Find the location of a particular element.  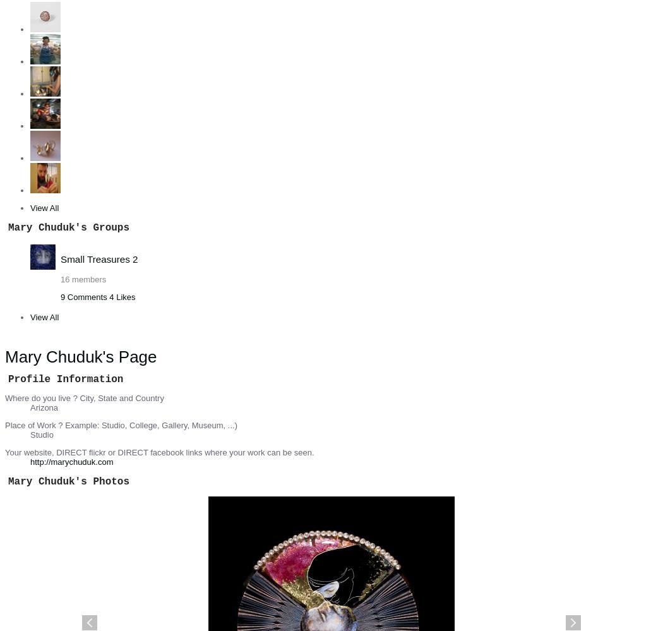

'Where do you live ? City, State and Country' is located at coordinates (83, 397).